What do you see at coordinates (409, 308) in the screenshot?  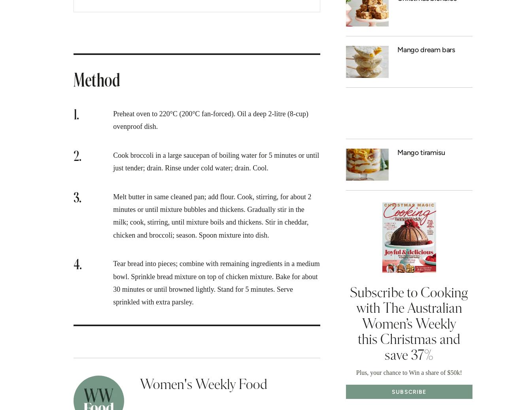 I see `'Subscribe to Cooking with The Australian Women’s Weekly'` at bounding box center [409, 308].